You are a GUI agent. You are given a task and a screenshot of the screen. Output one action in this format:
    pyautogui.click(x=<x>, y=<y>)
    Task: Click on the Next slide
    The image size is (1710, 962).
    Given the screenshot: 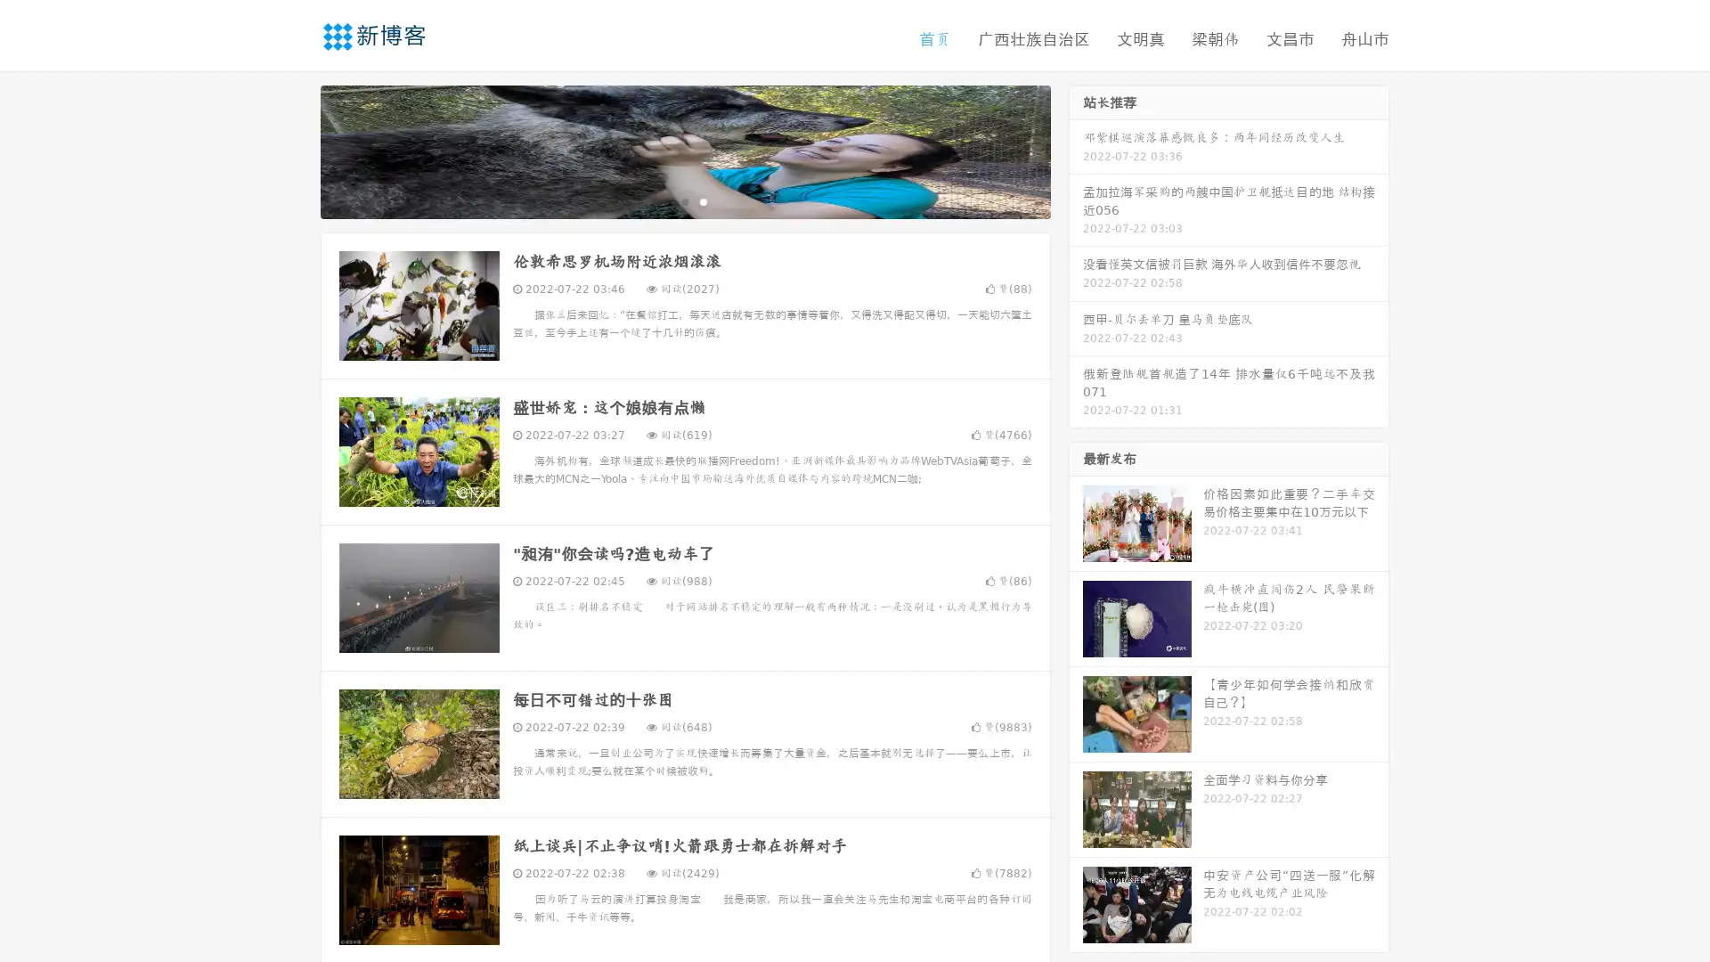 What is the action you would take?
    pyautogui.click(x=1076, y=150)
    